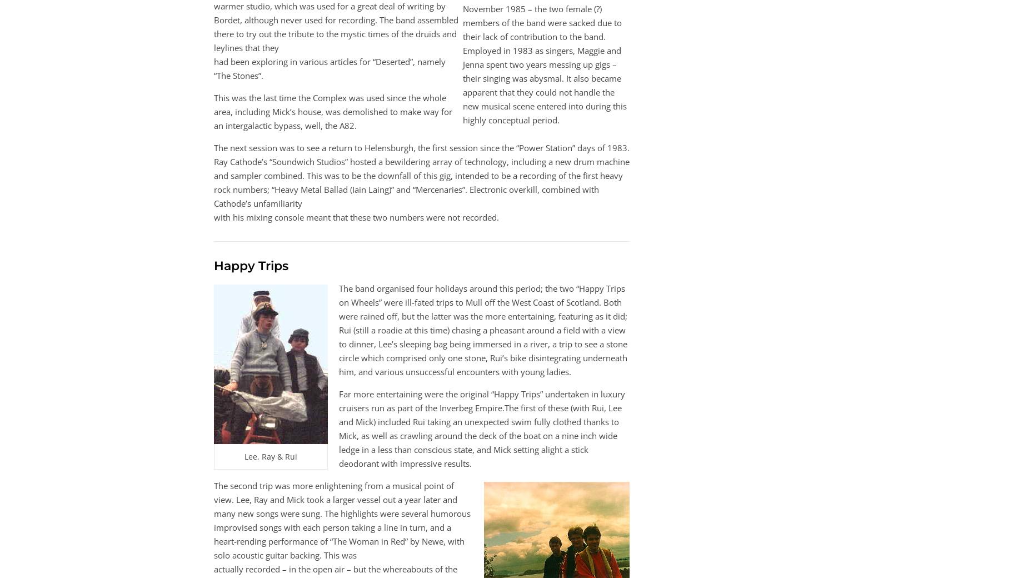 Image resolution: width=1028 pixels, height=578 pixels. What do you see at coordinates (333, 112) in the screenshot?
I see `'This was the last time the Complex was used since the whole area, including Mick’s house, was demolished to make way for an intergalactic bypass, well, the A82.'` at bounding box center [333, 112].